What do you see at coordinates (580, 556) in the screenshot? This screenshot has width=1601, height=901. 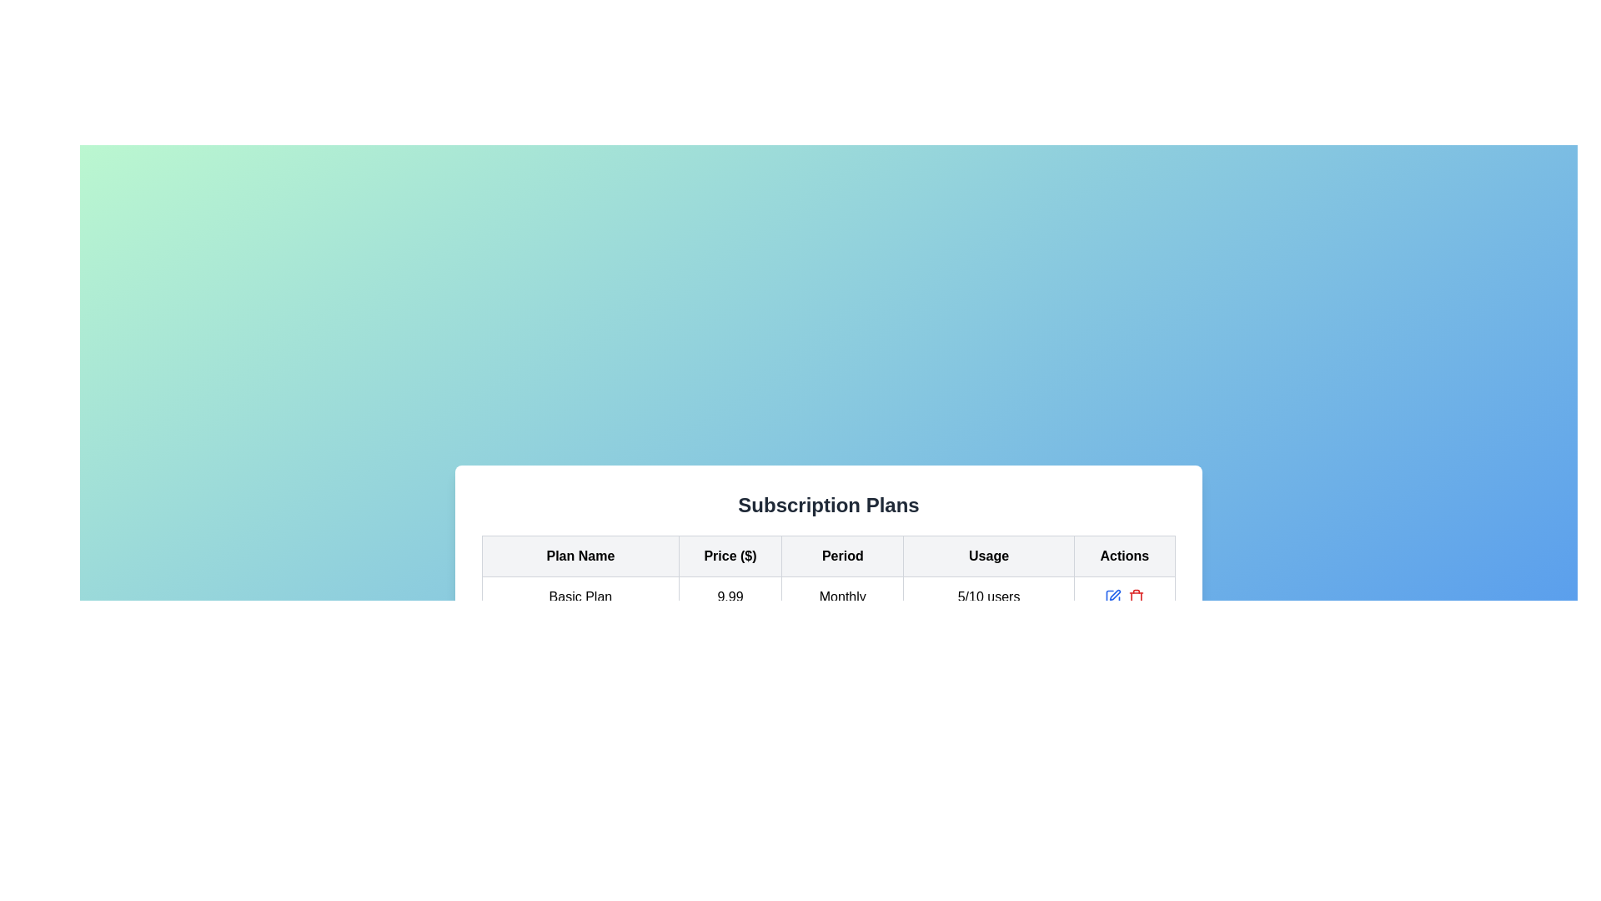 I see `the 'Plan Name' text element located in the first column header of the table, which is displayed in bold black font` at bounding box center [580, 556].